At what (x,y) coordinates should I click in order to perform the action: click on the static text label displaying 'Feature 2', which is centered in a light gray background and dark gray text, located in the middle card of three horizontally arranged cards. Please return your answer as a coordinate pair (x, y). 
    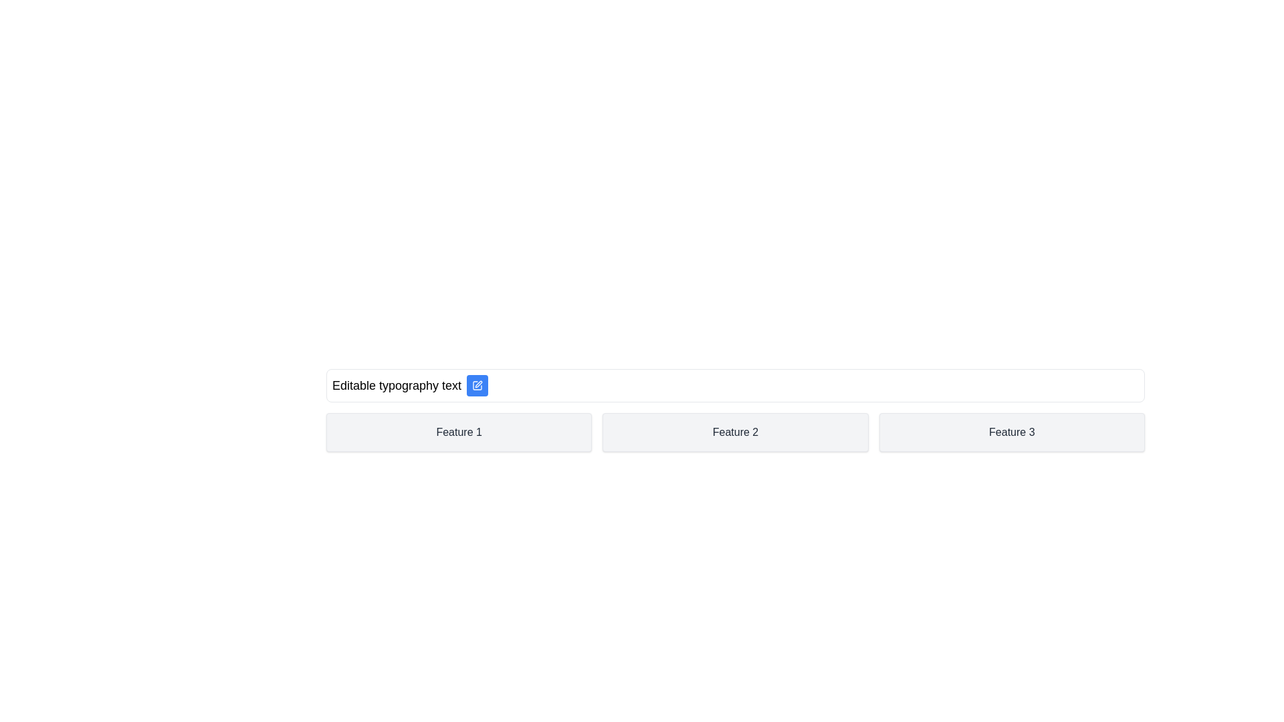
    Looking at the image, I should click on (734, 433).